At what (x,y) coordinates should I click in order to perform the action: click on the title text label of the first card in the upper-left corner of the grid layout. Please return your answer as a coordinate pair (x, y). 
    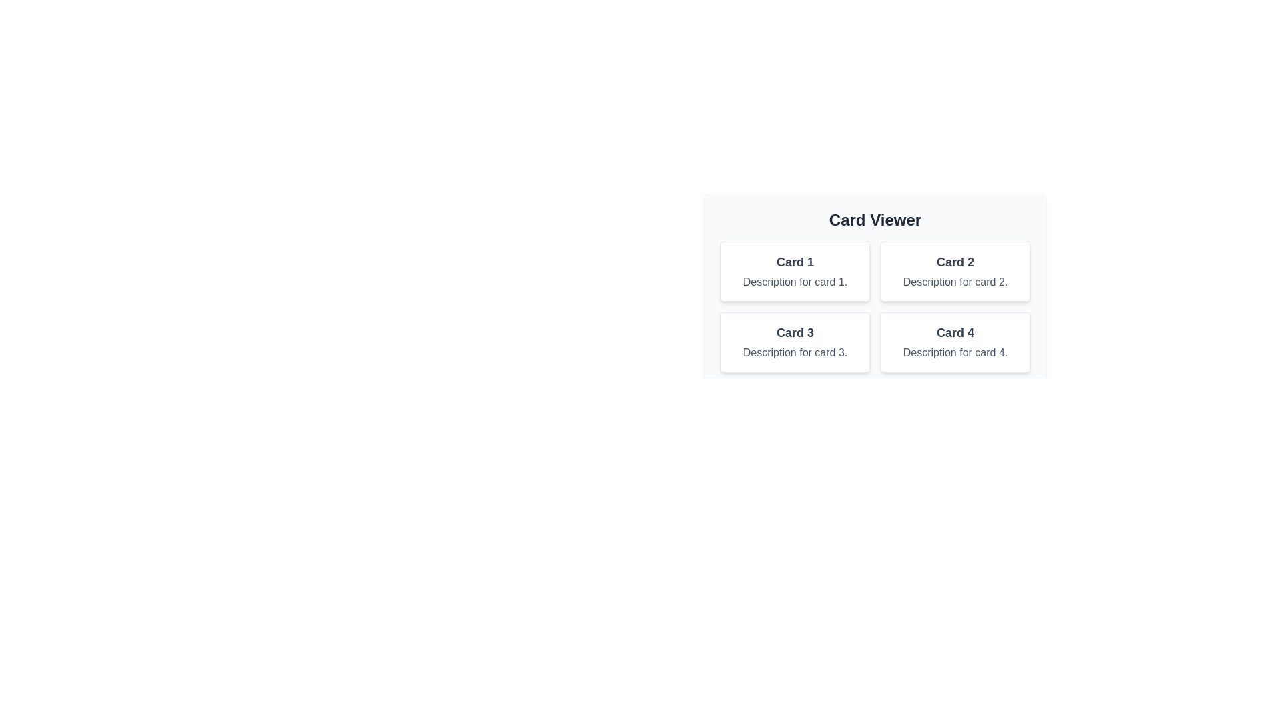
    Looking at the image, I should click on (795, 262).